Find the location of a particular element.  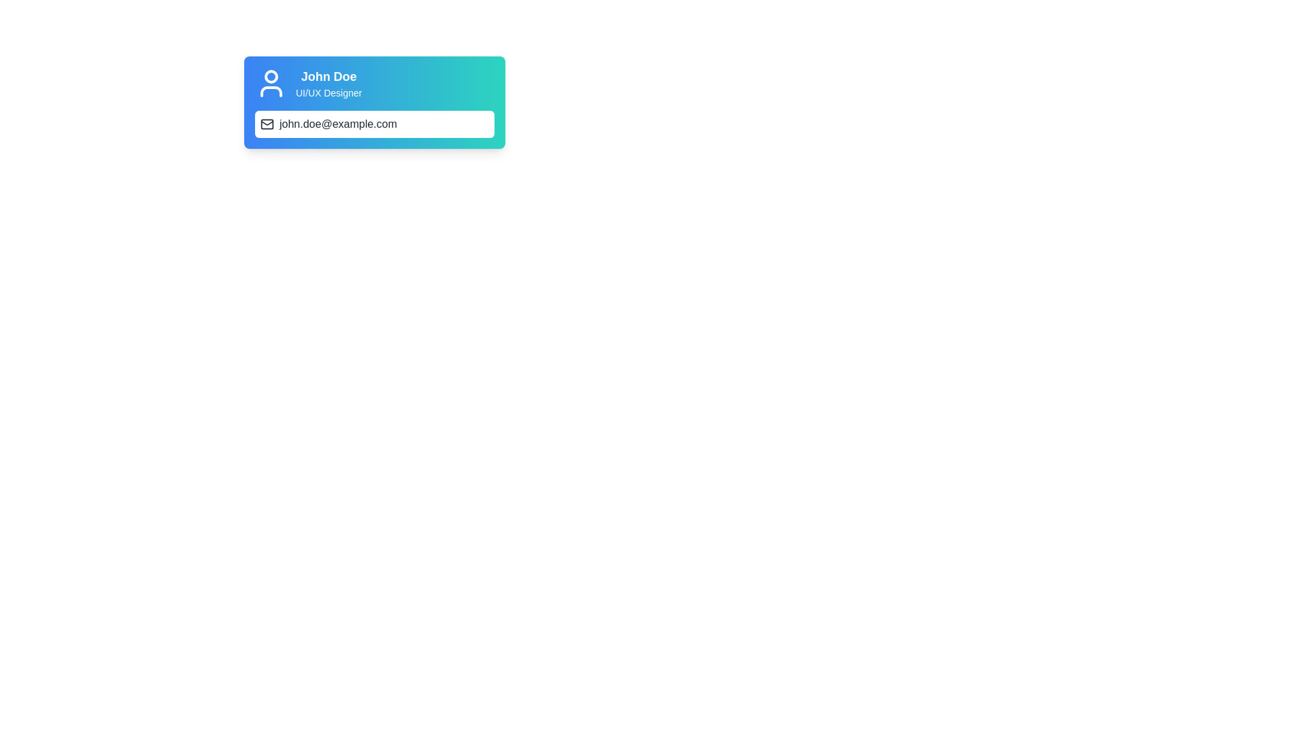

the email icon located directly to the left of the email text 'john.doe@example.com' in the card design is located at coordinates (267, 124).